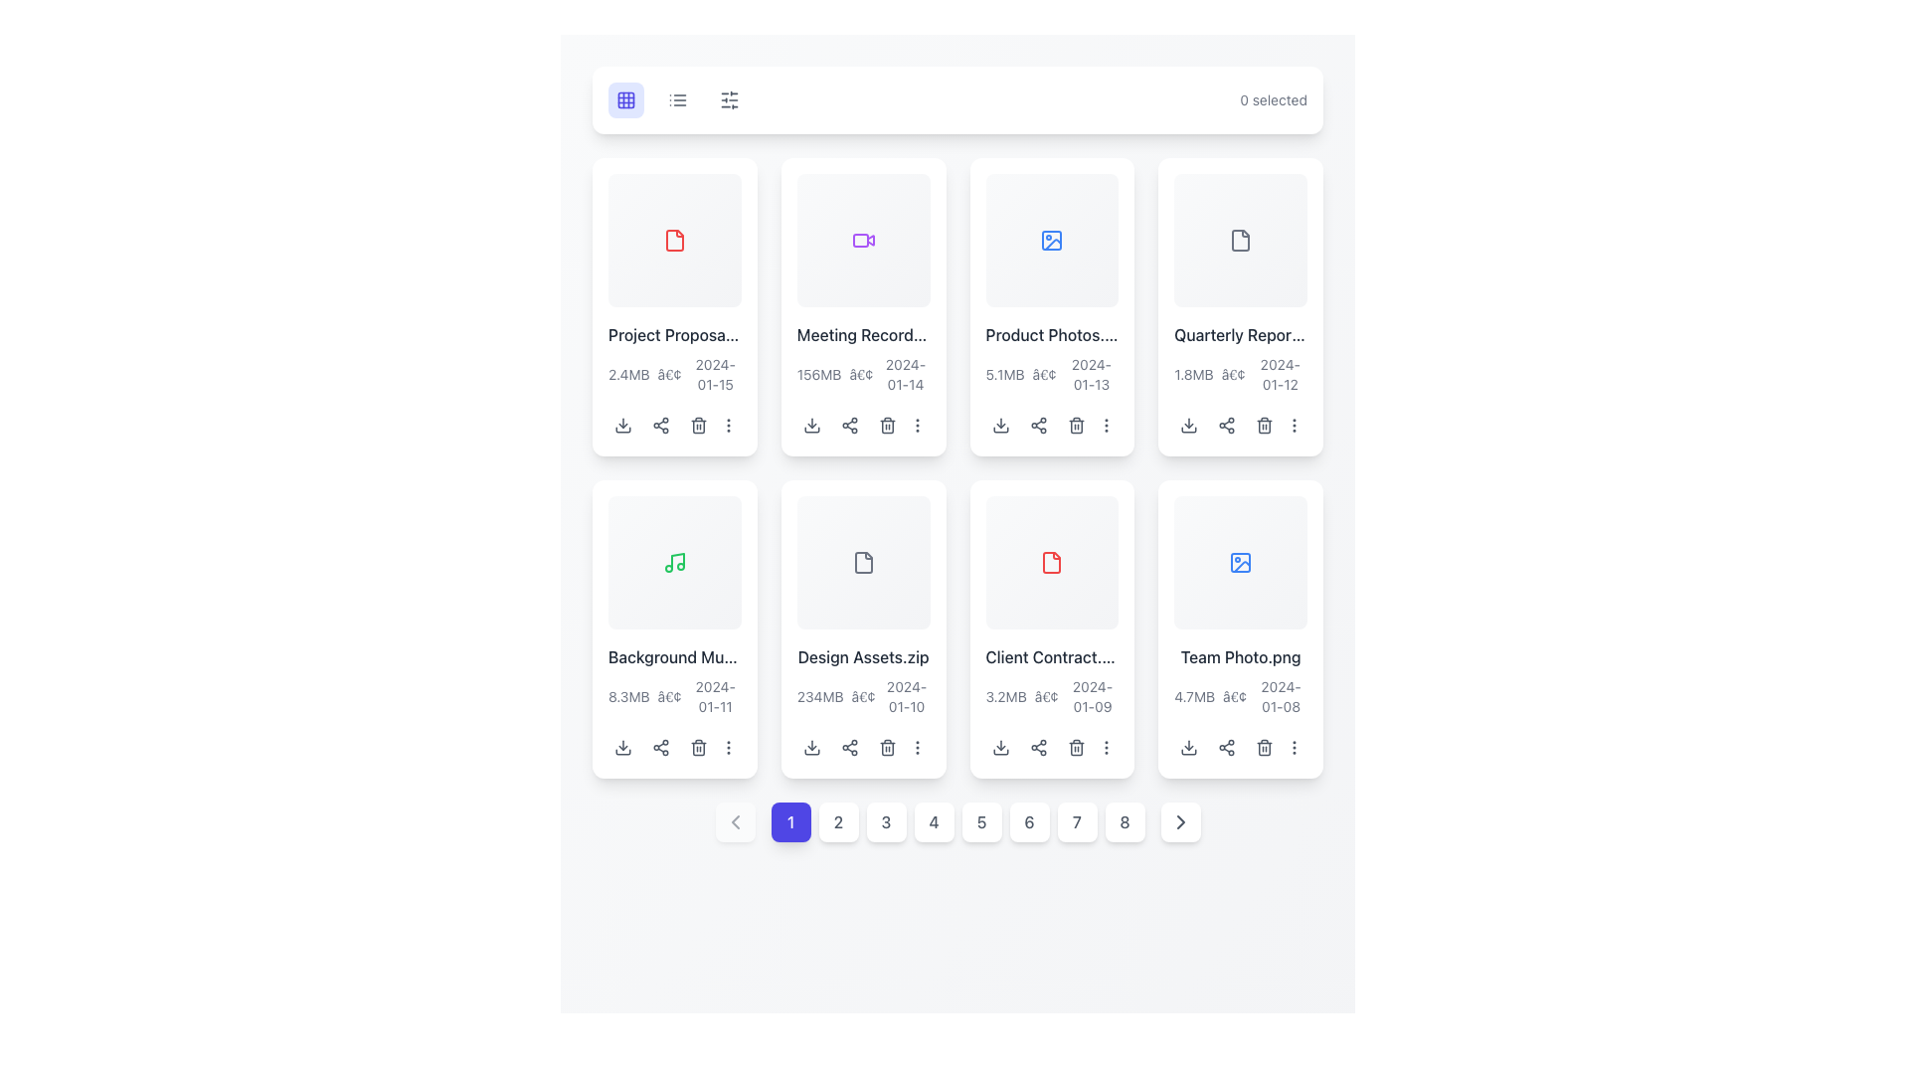 Image resolution: width=1909 pixels, height=1074 pixels. What do you see at coordinates (863, 562) in the screenshot?
I see `the file icon representing 'Design Assets.zip' located in the sixth card of the second row in the grid layout` at bounding box center [863, 562].